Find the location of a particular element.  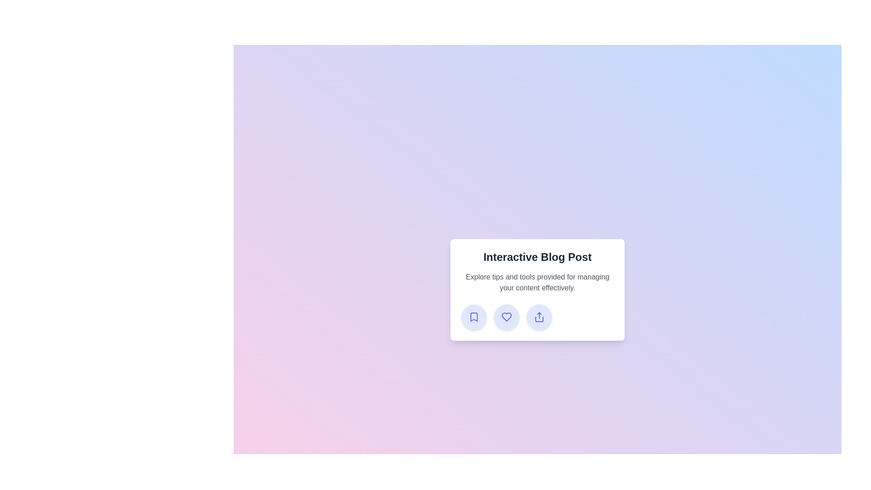

the heart icon, which is centered within a circular button located at the bottom area of the card layout, to interact with the action is located at coordinates (506, 316).